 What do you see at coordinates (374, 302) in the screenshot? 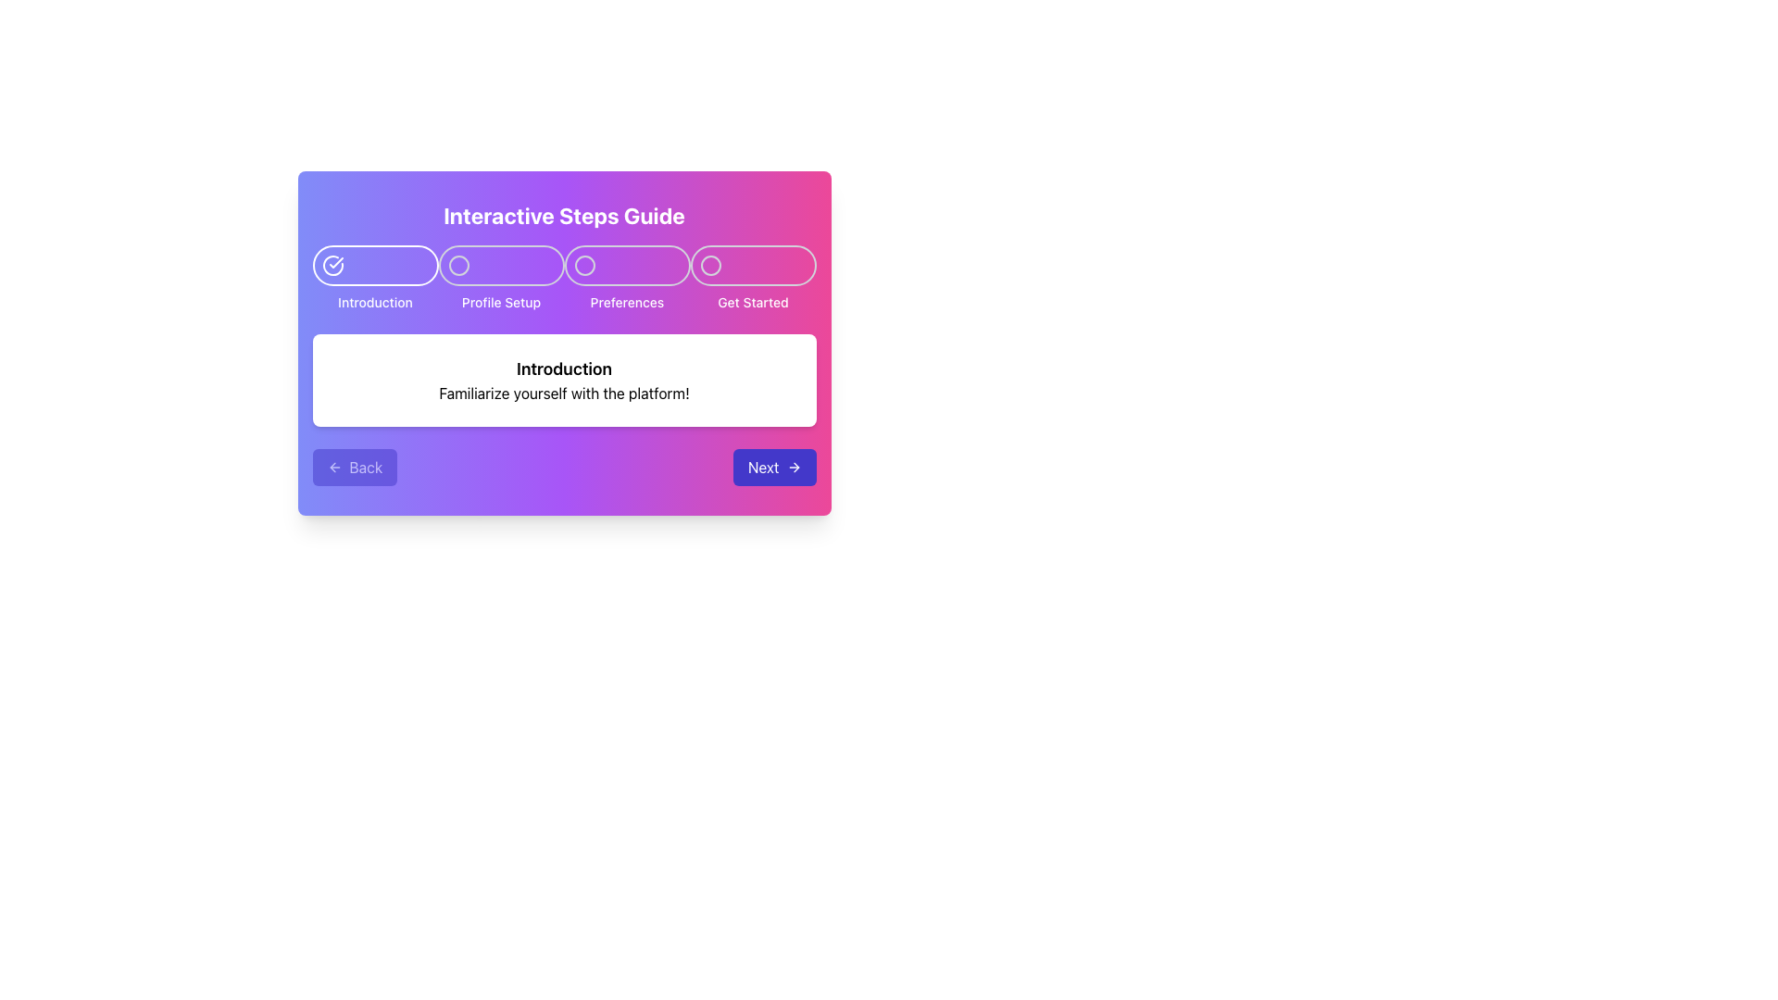
I see `the 'Introduction' text label, which is styled in a medium-weight font and positioned in the navigation area under a round icon on the leftmost segment of a progress indicator` at bounding box center [374, 302].